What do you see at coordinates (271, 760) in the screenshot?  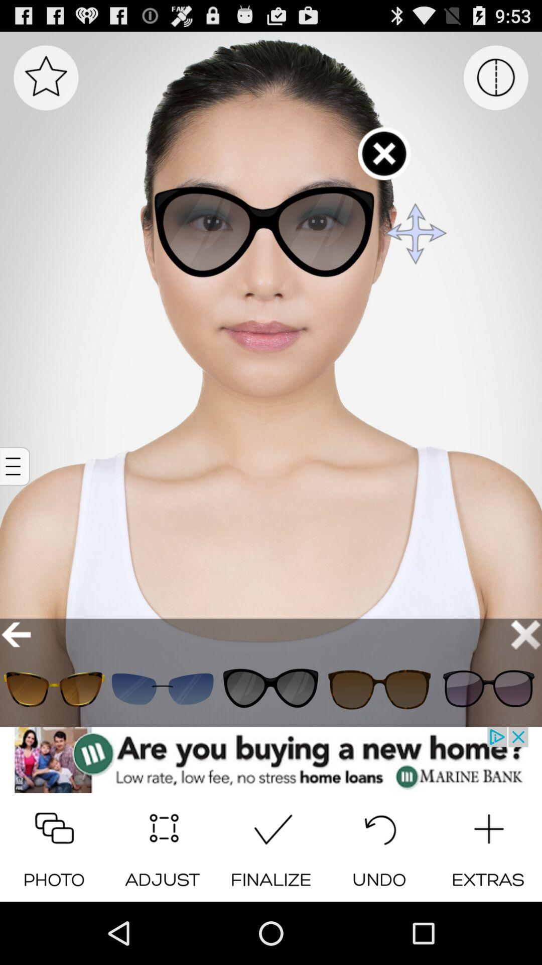 I see `open an advertisements` at bounding box center [271, 760].